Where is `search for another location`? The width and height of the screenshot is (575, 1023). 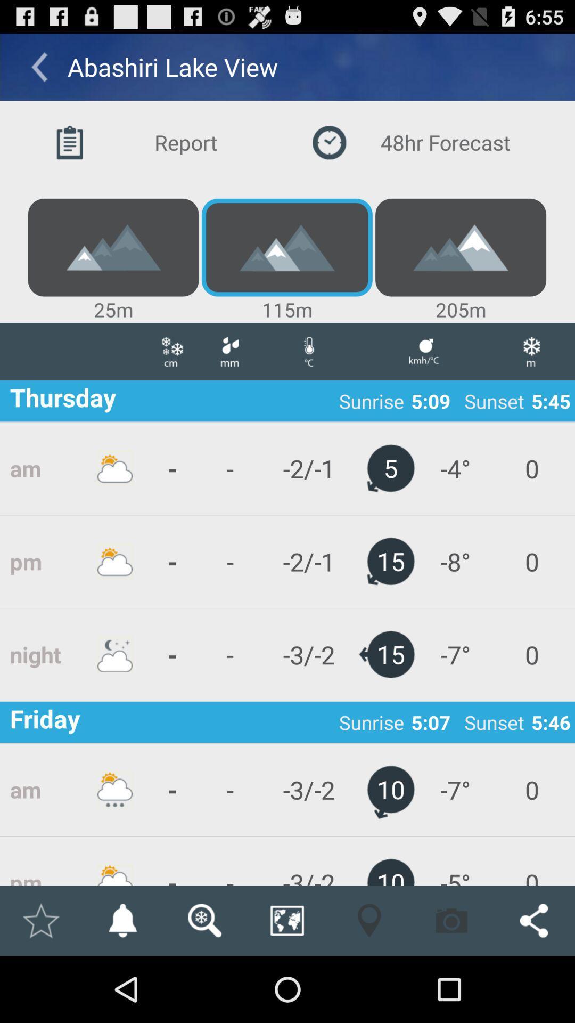
search for another location is located at coordinates (204, 920).